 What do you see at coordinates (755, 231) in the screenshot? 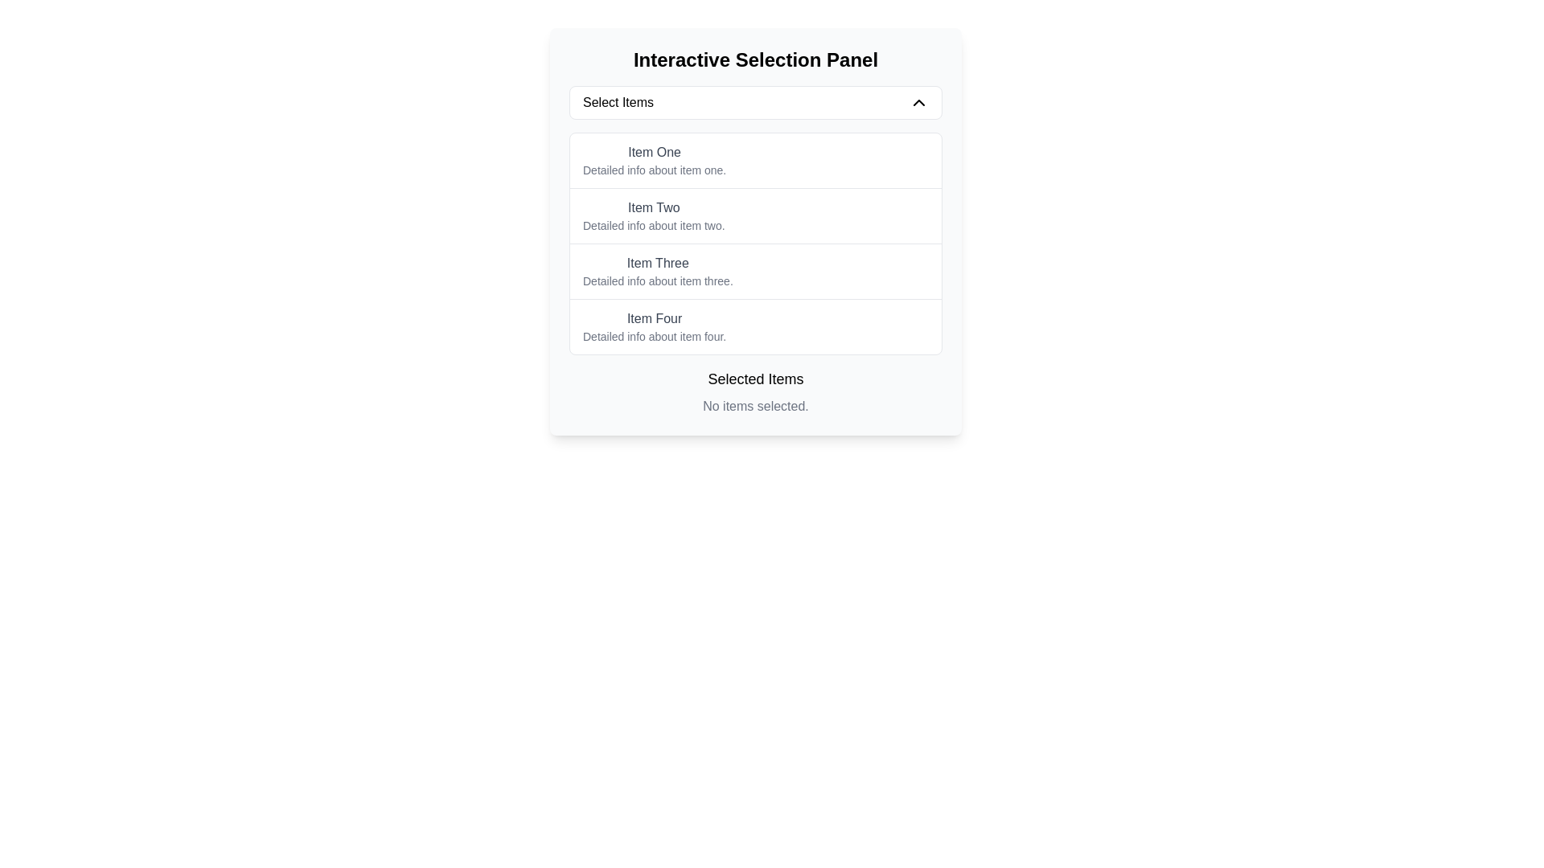
I see `the second selectable row titled 'Item Two' in the 'Interactive Selection Panel'` at bounding box center [755, 231].